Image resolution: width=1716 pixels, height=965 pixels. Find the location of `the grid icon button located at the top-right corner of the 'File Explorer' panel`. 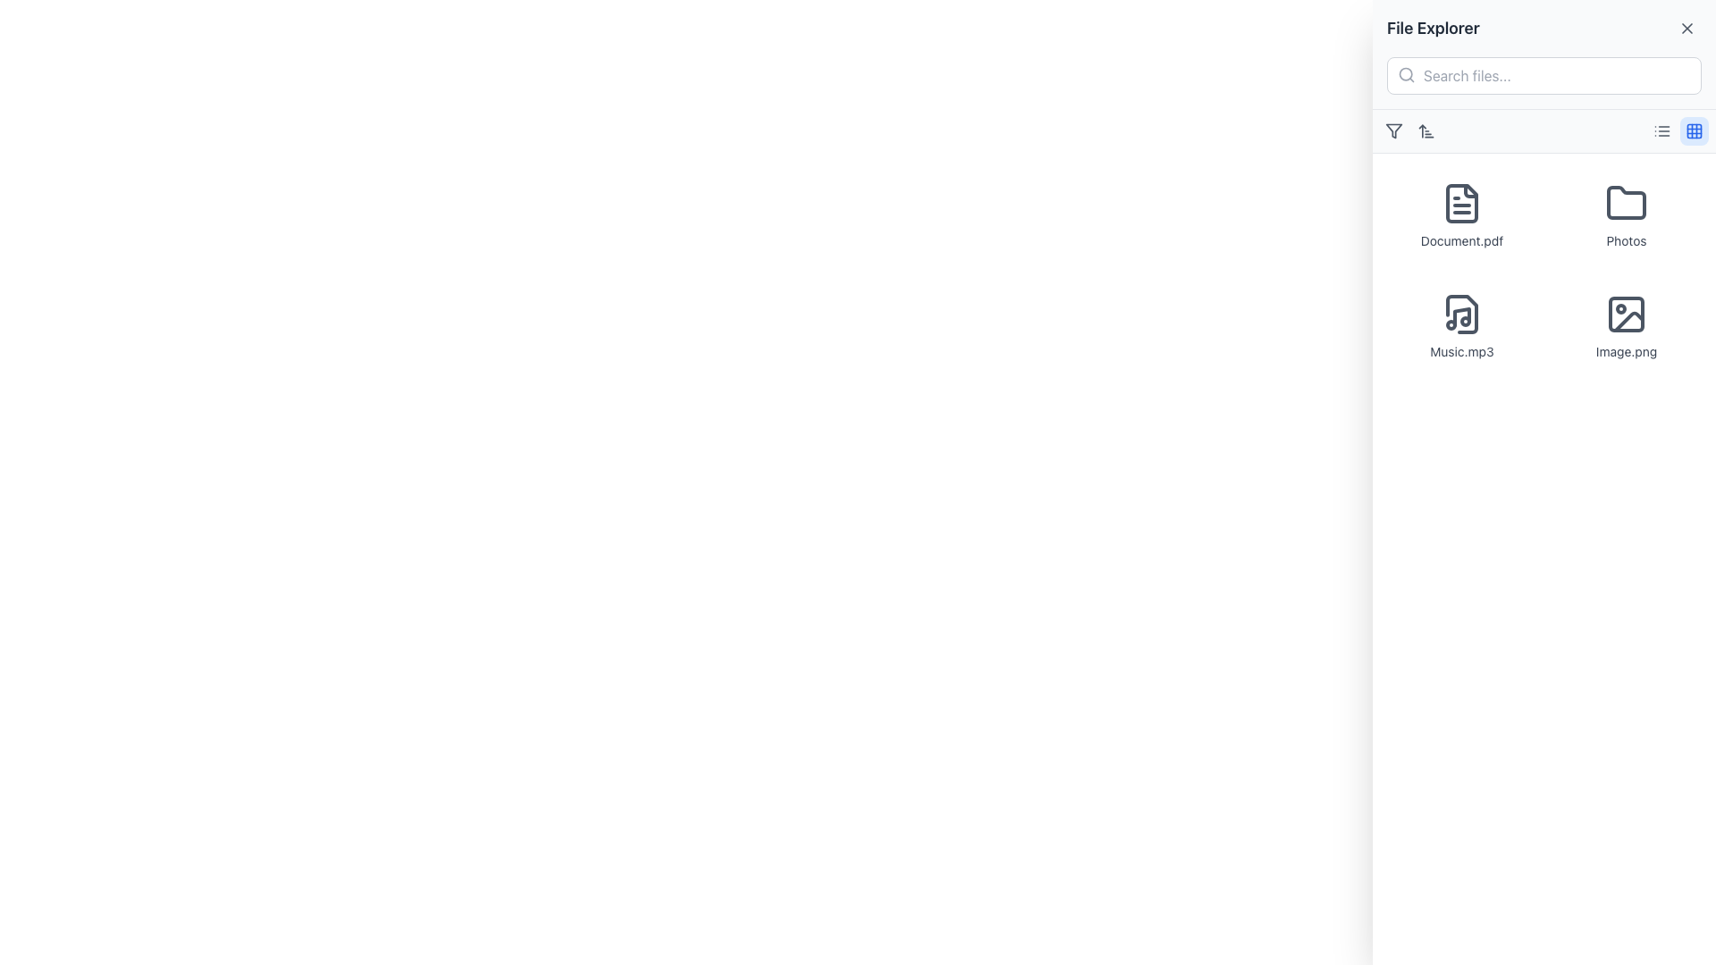

the grid icon button located at the top-right corner of the 'File Explorer' panel is located at coordinates (1694, 130).